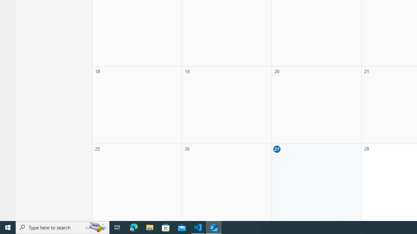  Describe the element at coordinates (134, 227) in the screenshot. I see `'Microsoft Edge'` at that location.